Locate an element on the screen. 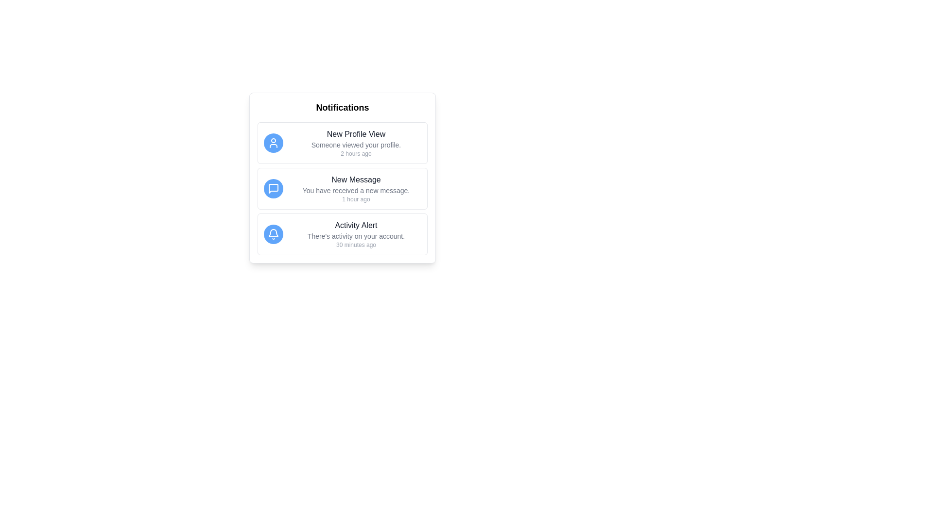 This screenshot has width=933, height=524. the first notification item that informs the user someone has viewed their profile is located at coordinates (356, 143).